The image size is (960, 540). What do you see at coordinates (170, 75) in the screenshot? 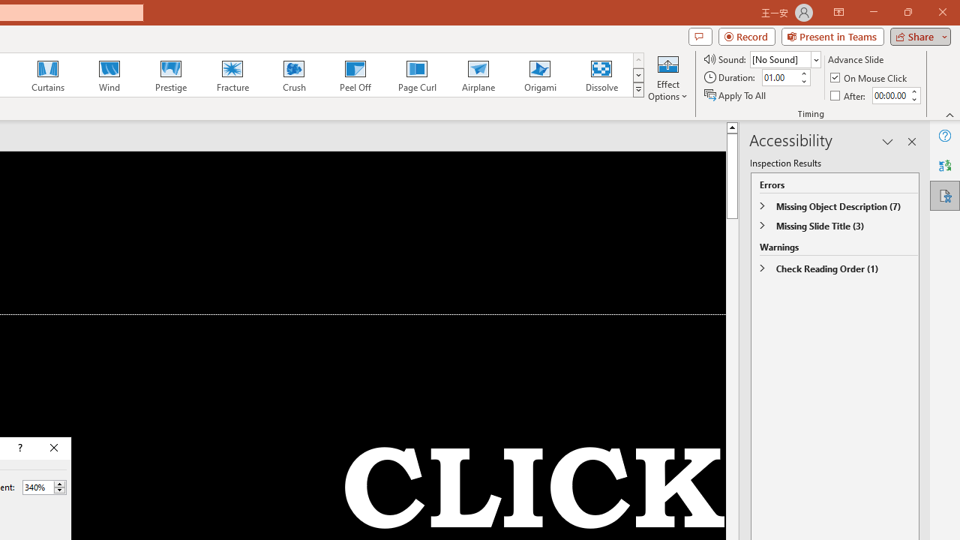
I see `'Prestige'` at bounding box center [170, 75].